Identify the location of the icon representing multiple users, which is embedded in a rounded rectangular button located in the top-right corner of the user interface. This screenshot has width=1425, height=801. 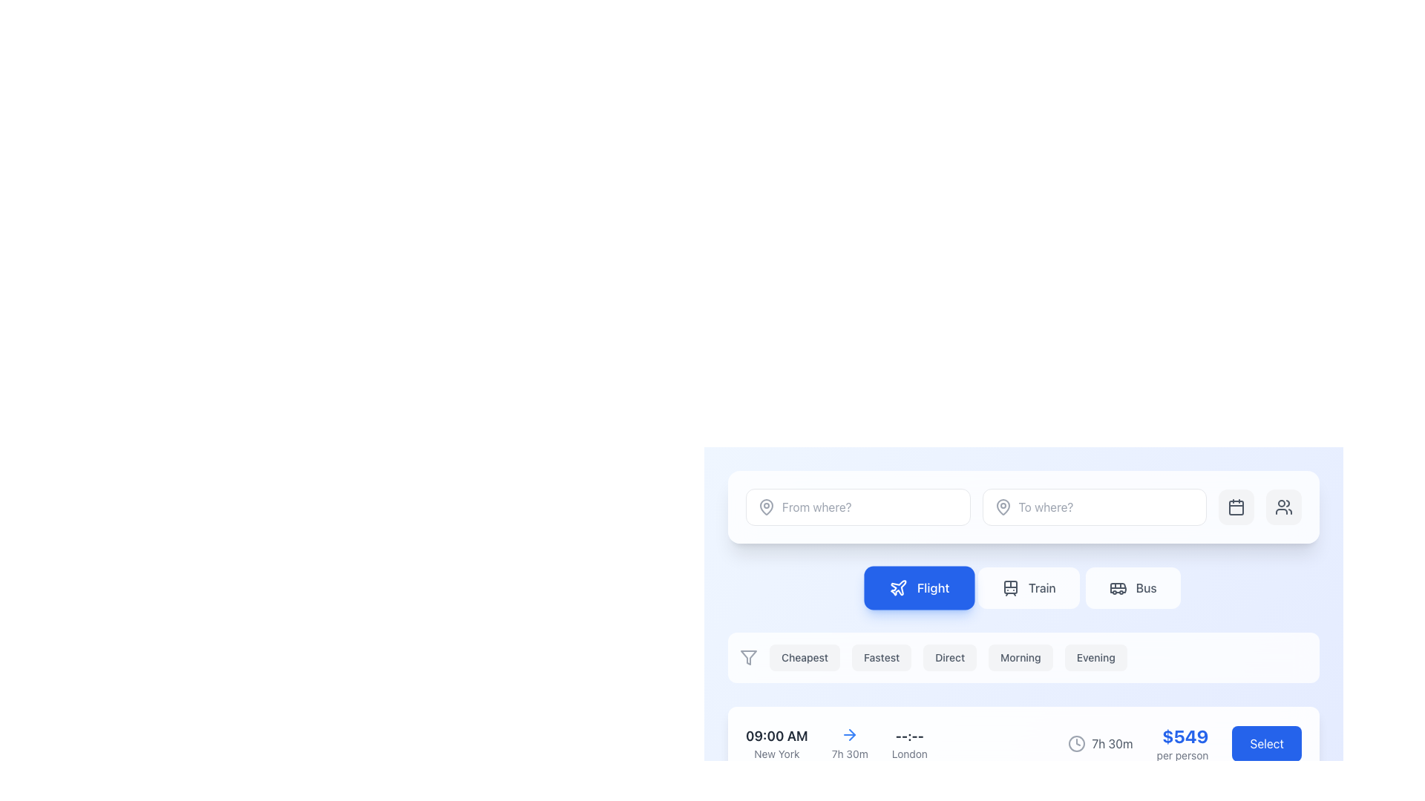
(1282, 506).